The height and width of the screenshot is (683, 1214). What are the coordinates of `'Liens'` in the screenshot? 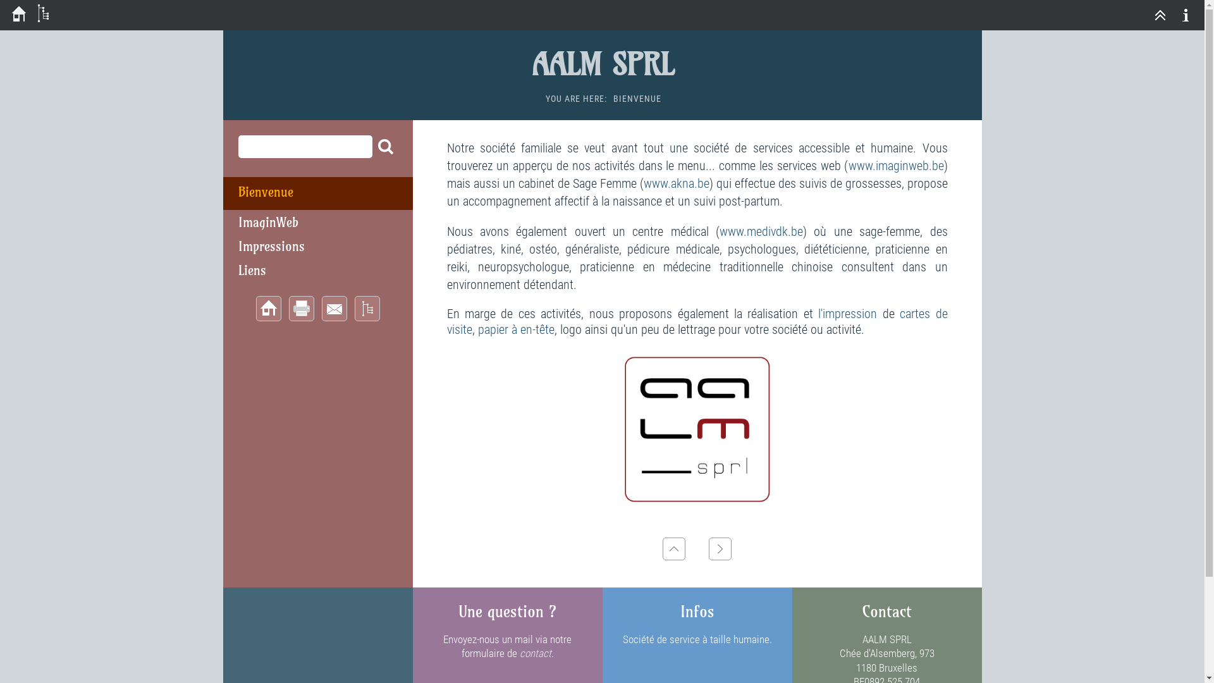 It's located at (252, 269).